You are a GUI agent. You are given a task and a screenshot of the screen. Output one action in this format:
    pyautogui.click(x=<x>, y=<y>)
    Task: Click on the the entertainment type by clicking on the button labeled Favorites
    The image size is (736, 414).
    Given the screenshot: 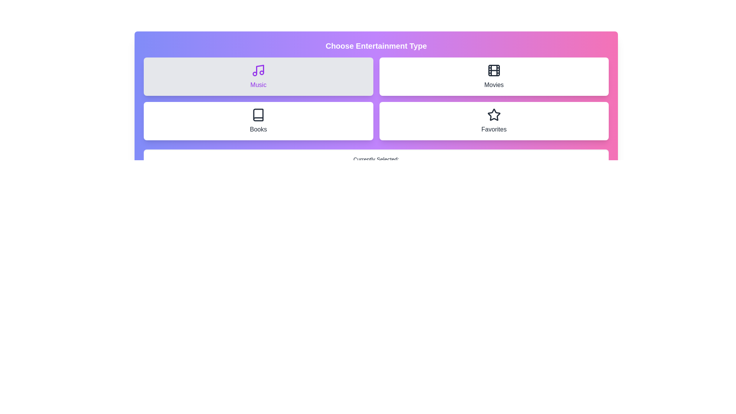 What is the action you would take?
    pyautogui.click(x=494, y=121)
    